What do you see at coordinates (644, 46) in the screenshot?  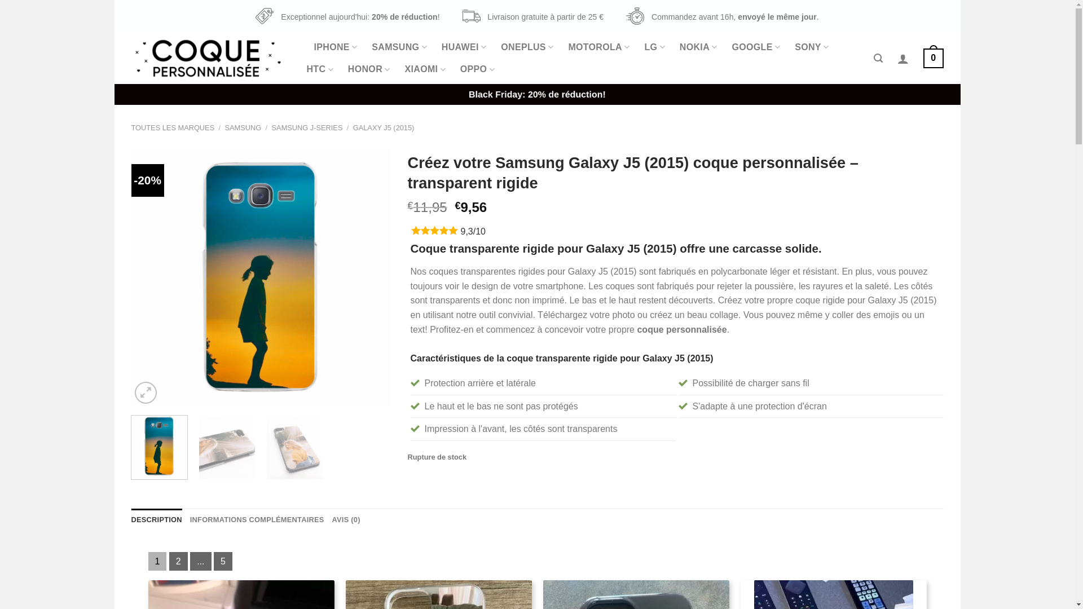 I see `'LG'` at bounding box center [644, 46].